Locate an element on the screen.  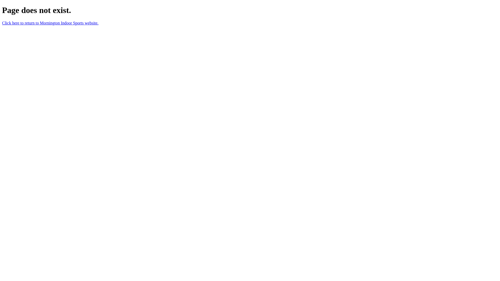
'Click here to return to Mornington Indoor Sports website.' is located at coordinates (50, 23).